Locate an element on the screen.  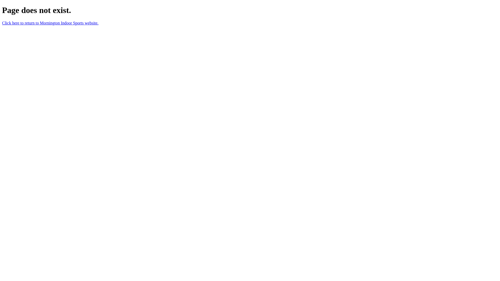
'Click here to return to Mornington Indoor Sports website.' is located at coordinates (50, 23).